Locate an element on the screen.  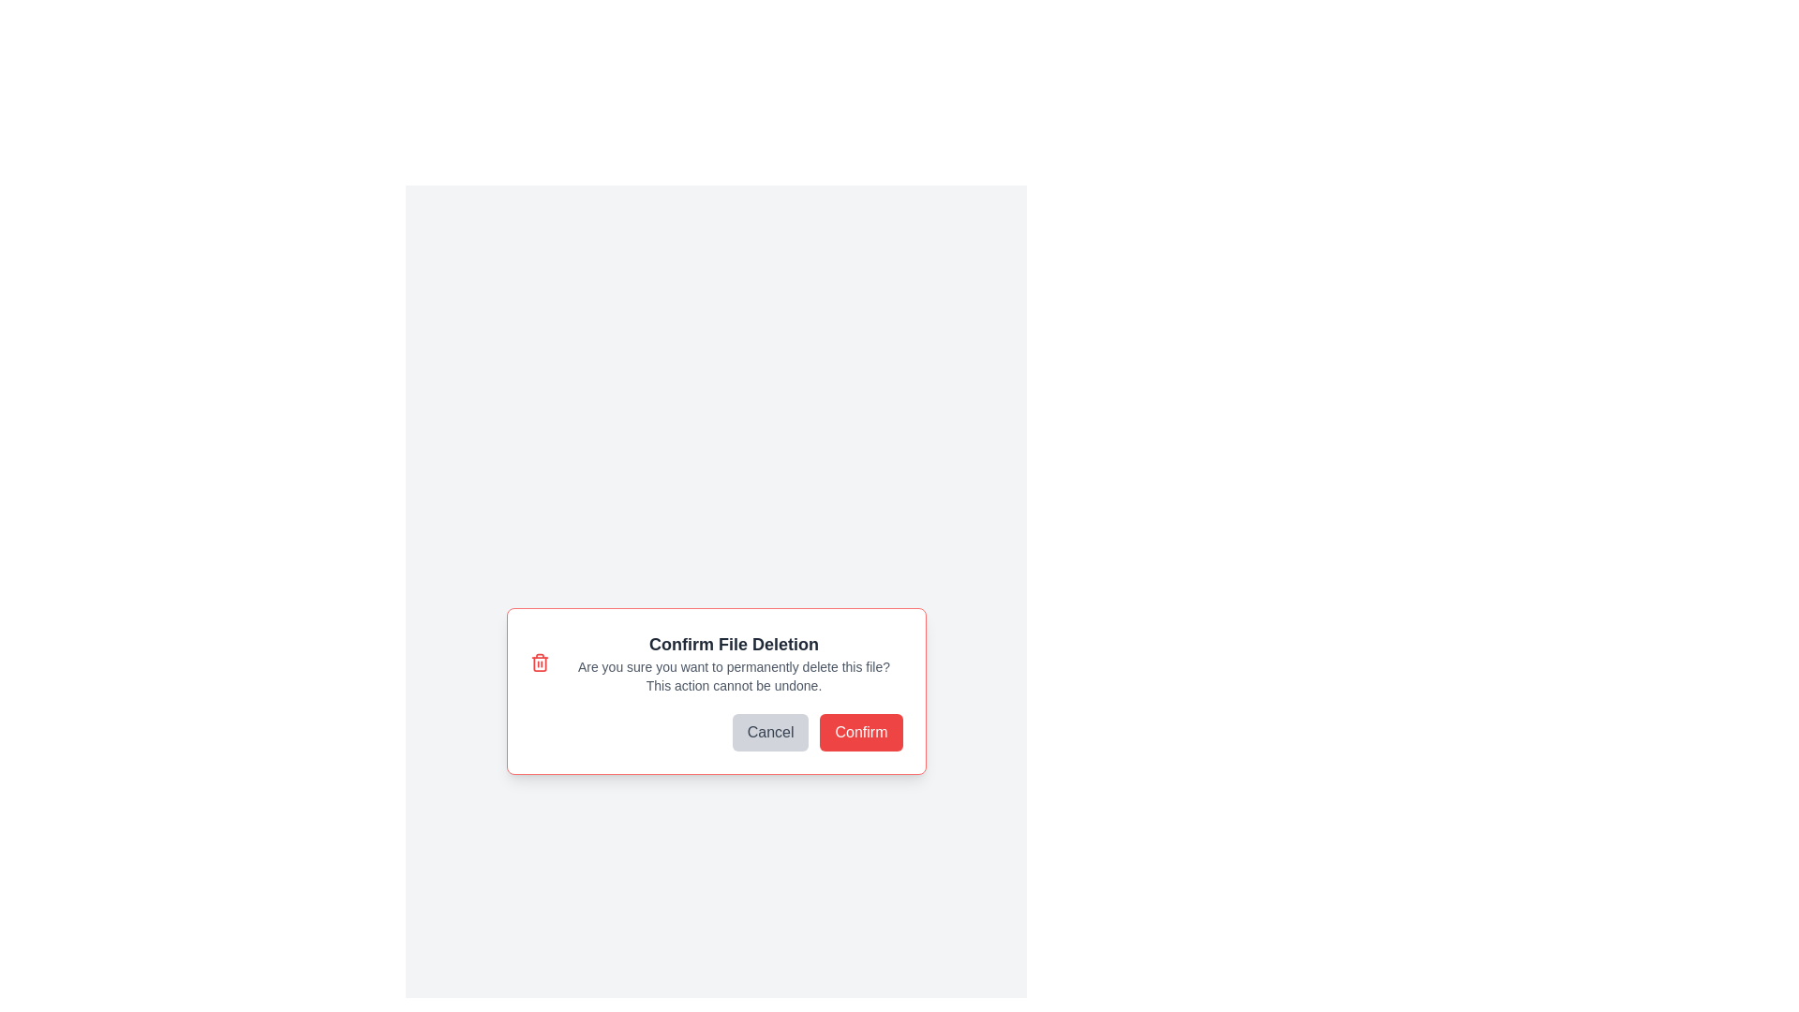
warning text located directly below the 'Confirm File Deletion' text in the modal dialog box, which informs the user about the consequences of deleting a file permanently is located at coordinates (733, 676).